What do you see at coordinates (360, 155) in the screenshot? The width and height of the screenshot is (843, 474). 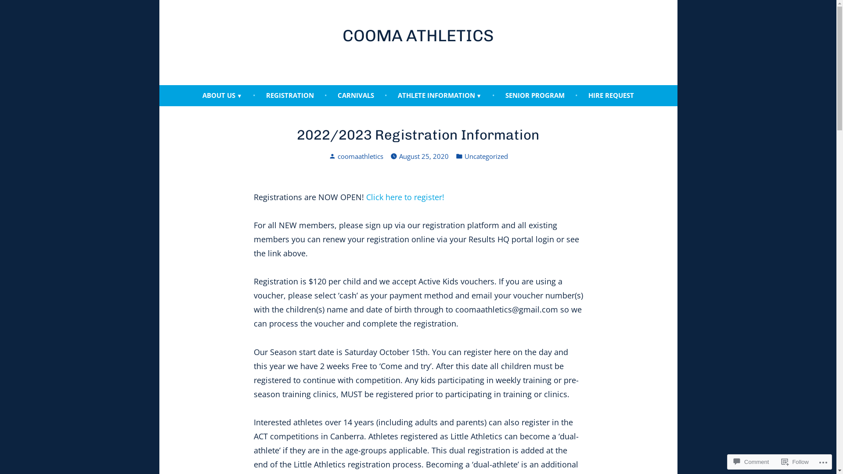 I see `'coomaathletics'` at bounding box center [360, 155].